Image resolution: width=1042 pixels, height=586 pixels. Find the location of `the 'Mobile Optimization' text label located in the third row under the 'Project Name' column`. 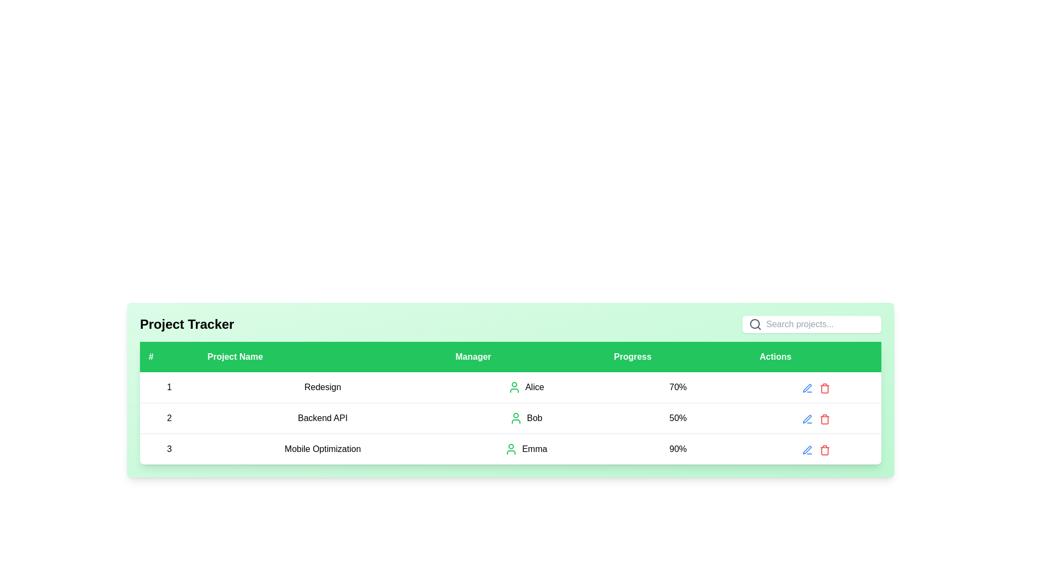

the 'Mobile Optimization' text label located in the third row under the 'Project Name' column is located at coordinates (322, 449).